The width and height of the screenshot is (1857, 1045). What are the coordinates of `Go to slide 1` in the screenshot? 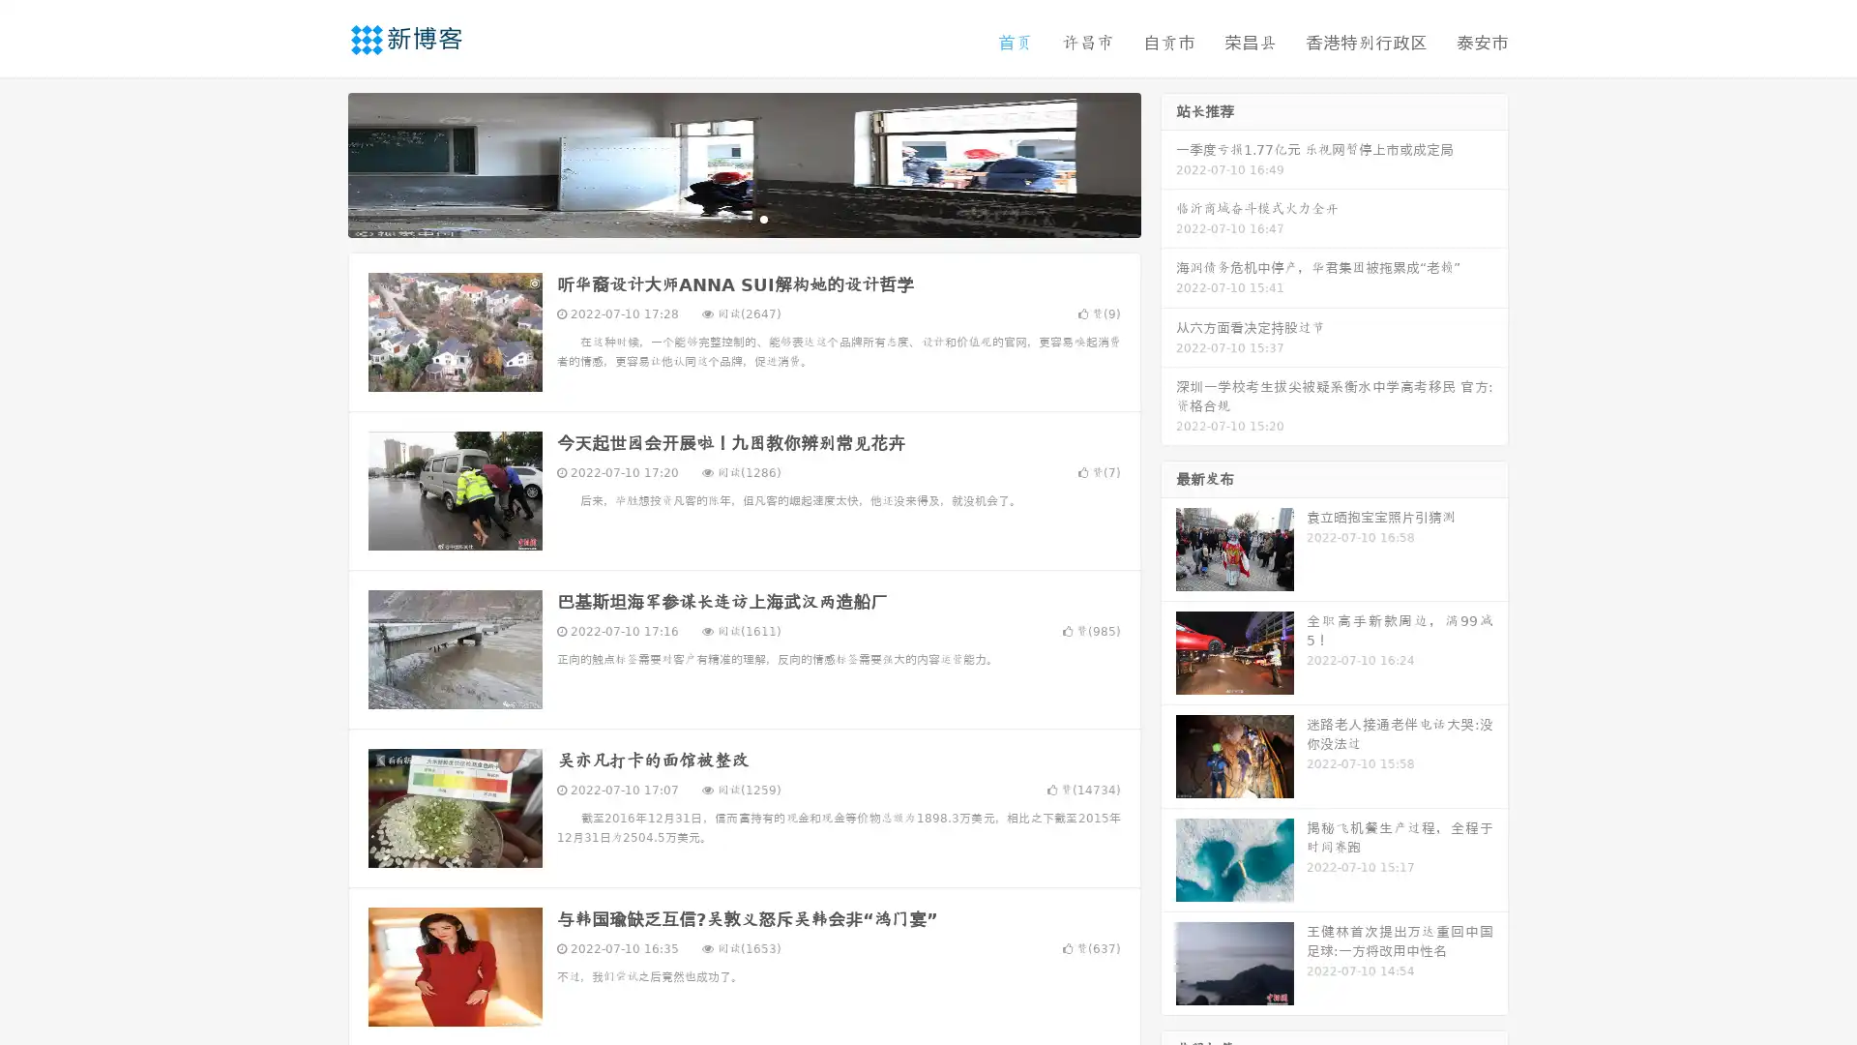 It's located at (723, 218).